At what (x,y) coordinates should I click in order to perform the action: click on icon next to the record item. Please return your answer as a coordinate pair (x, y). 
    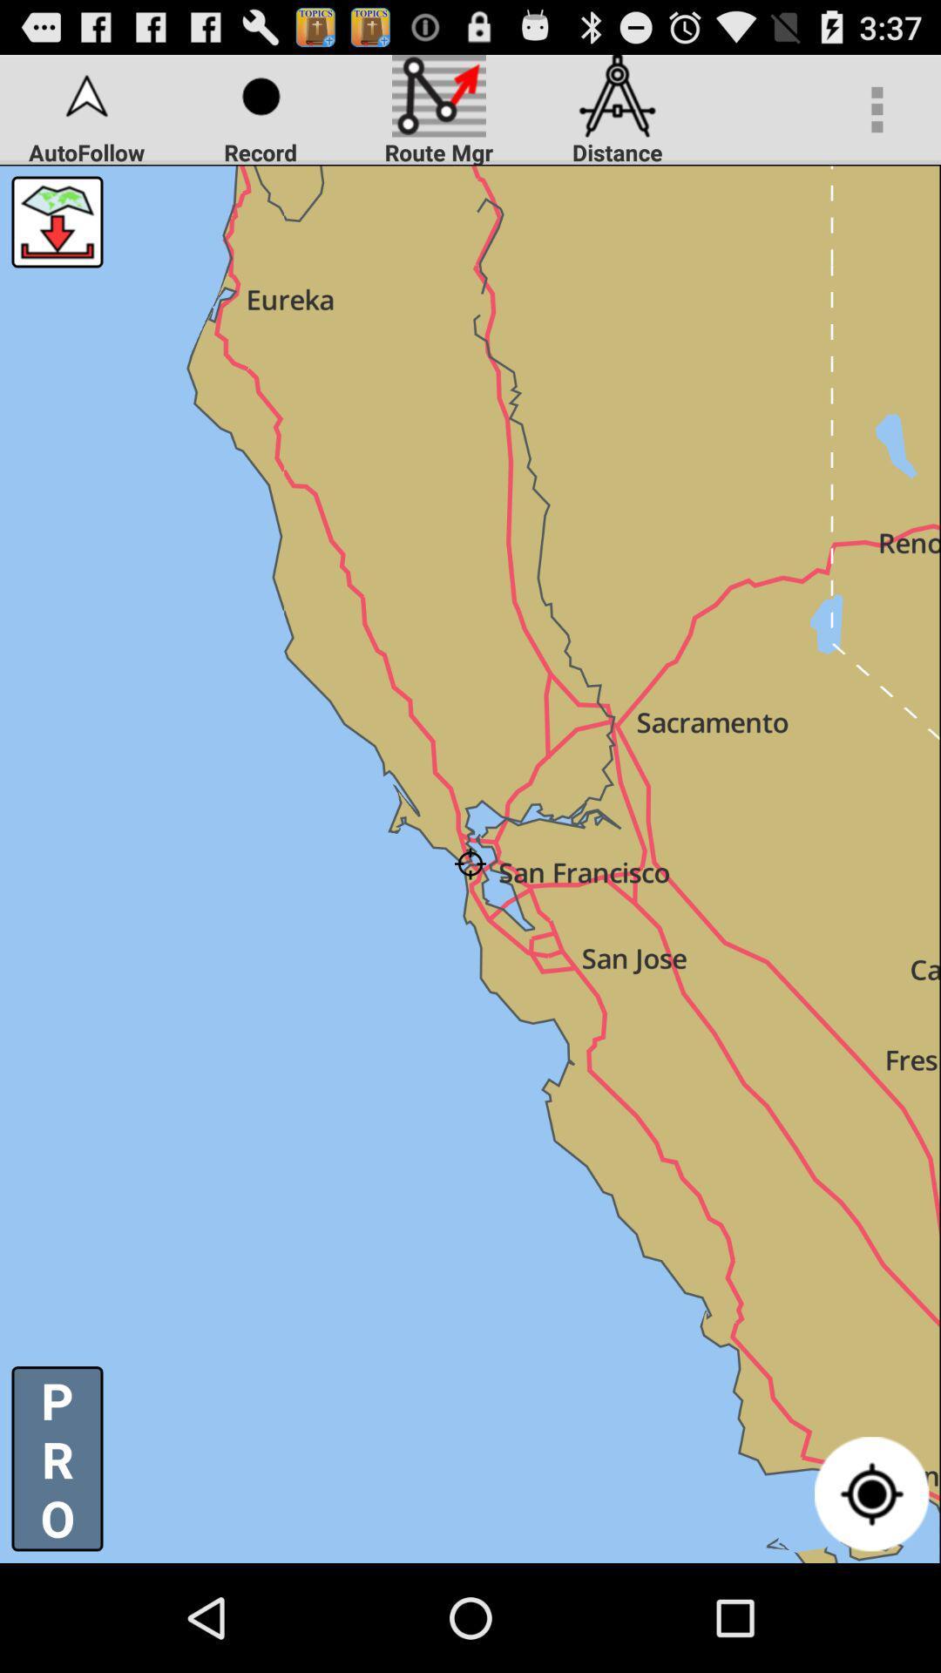
    Looking at the image, I should click on (56, 220).